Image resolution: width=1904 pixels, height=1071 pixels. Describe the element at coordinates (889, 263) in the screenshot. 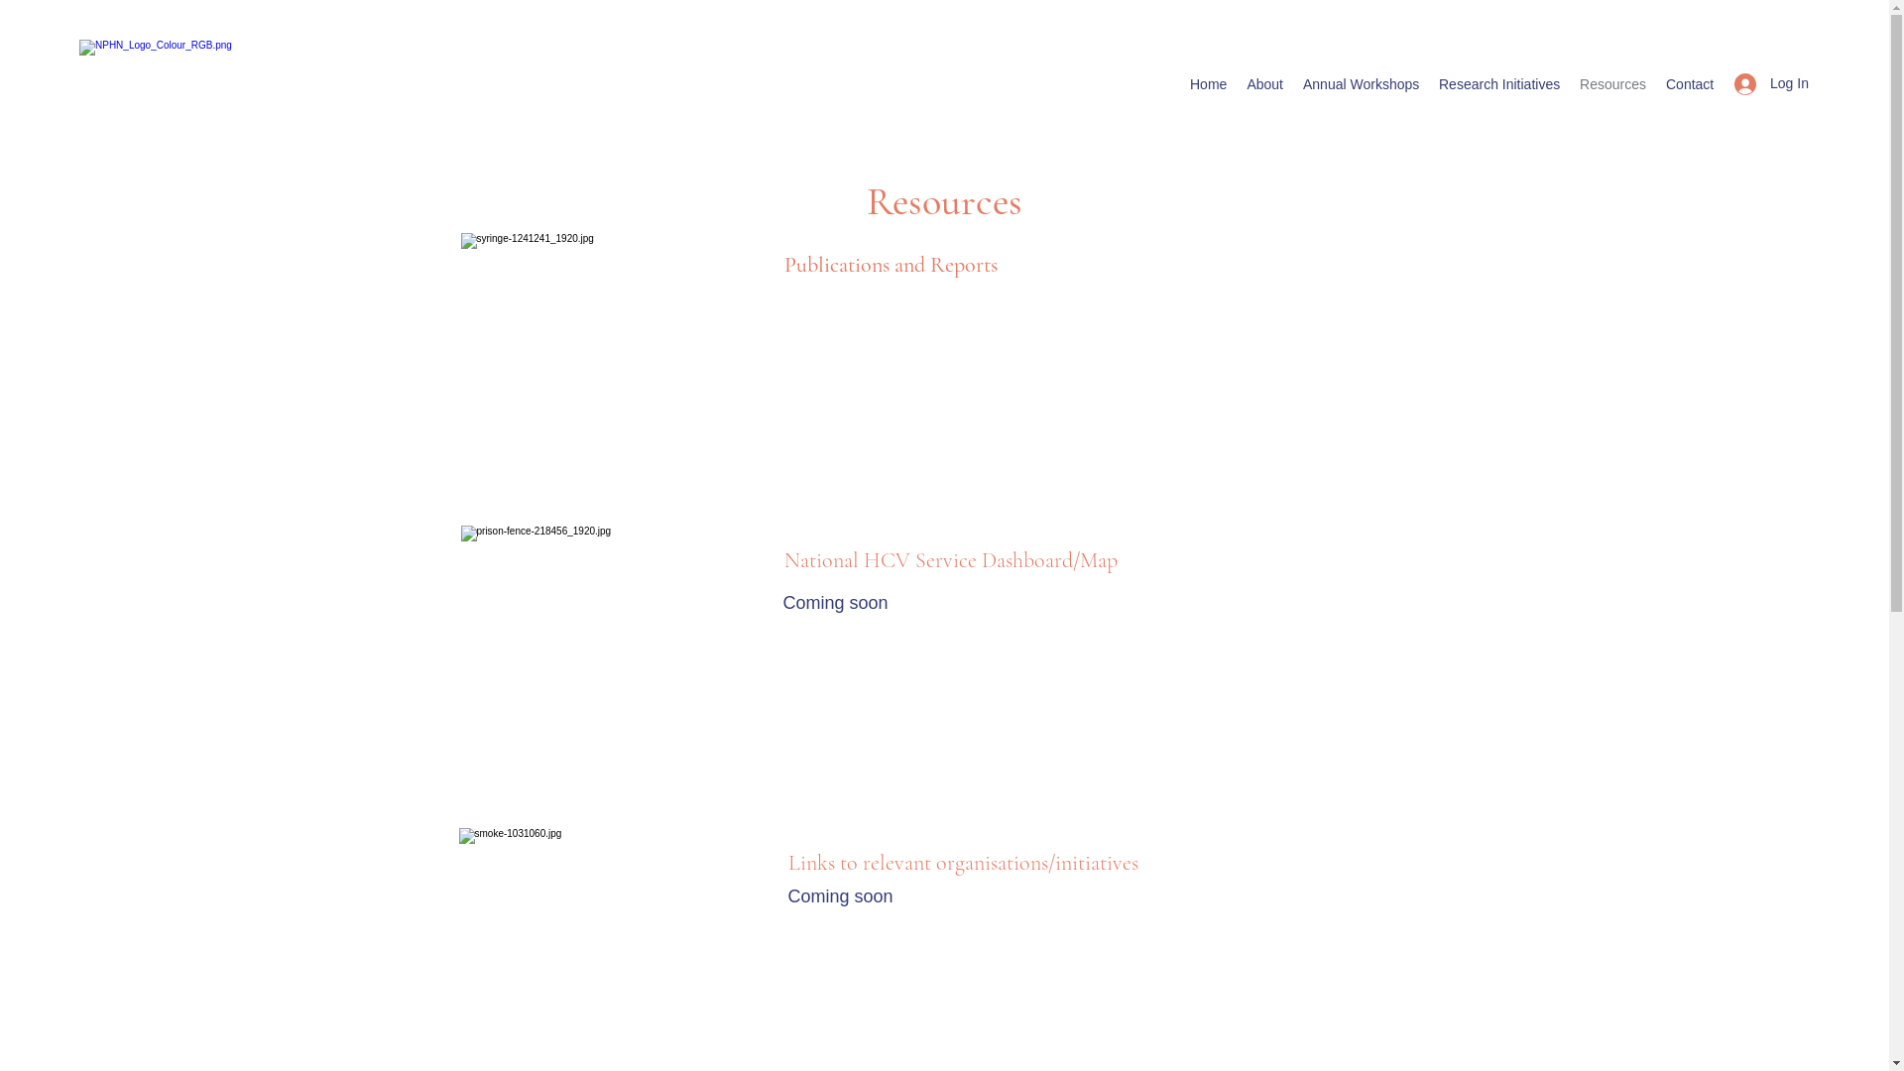

I see `'Publications and Reports'` at that location.